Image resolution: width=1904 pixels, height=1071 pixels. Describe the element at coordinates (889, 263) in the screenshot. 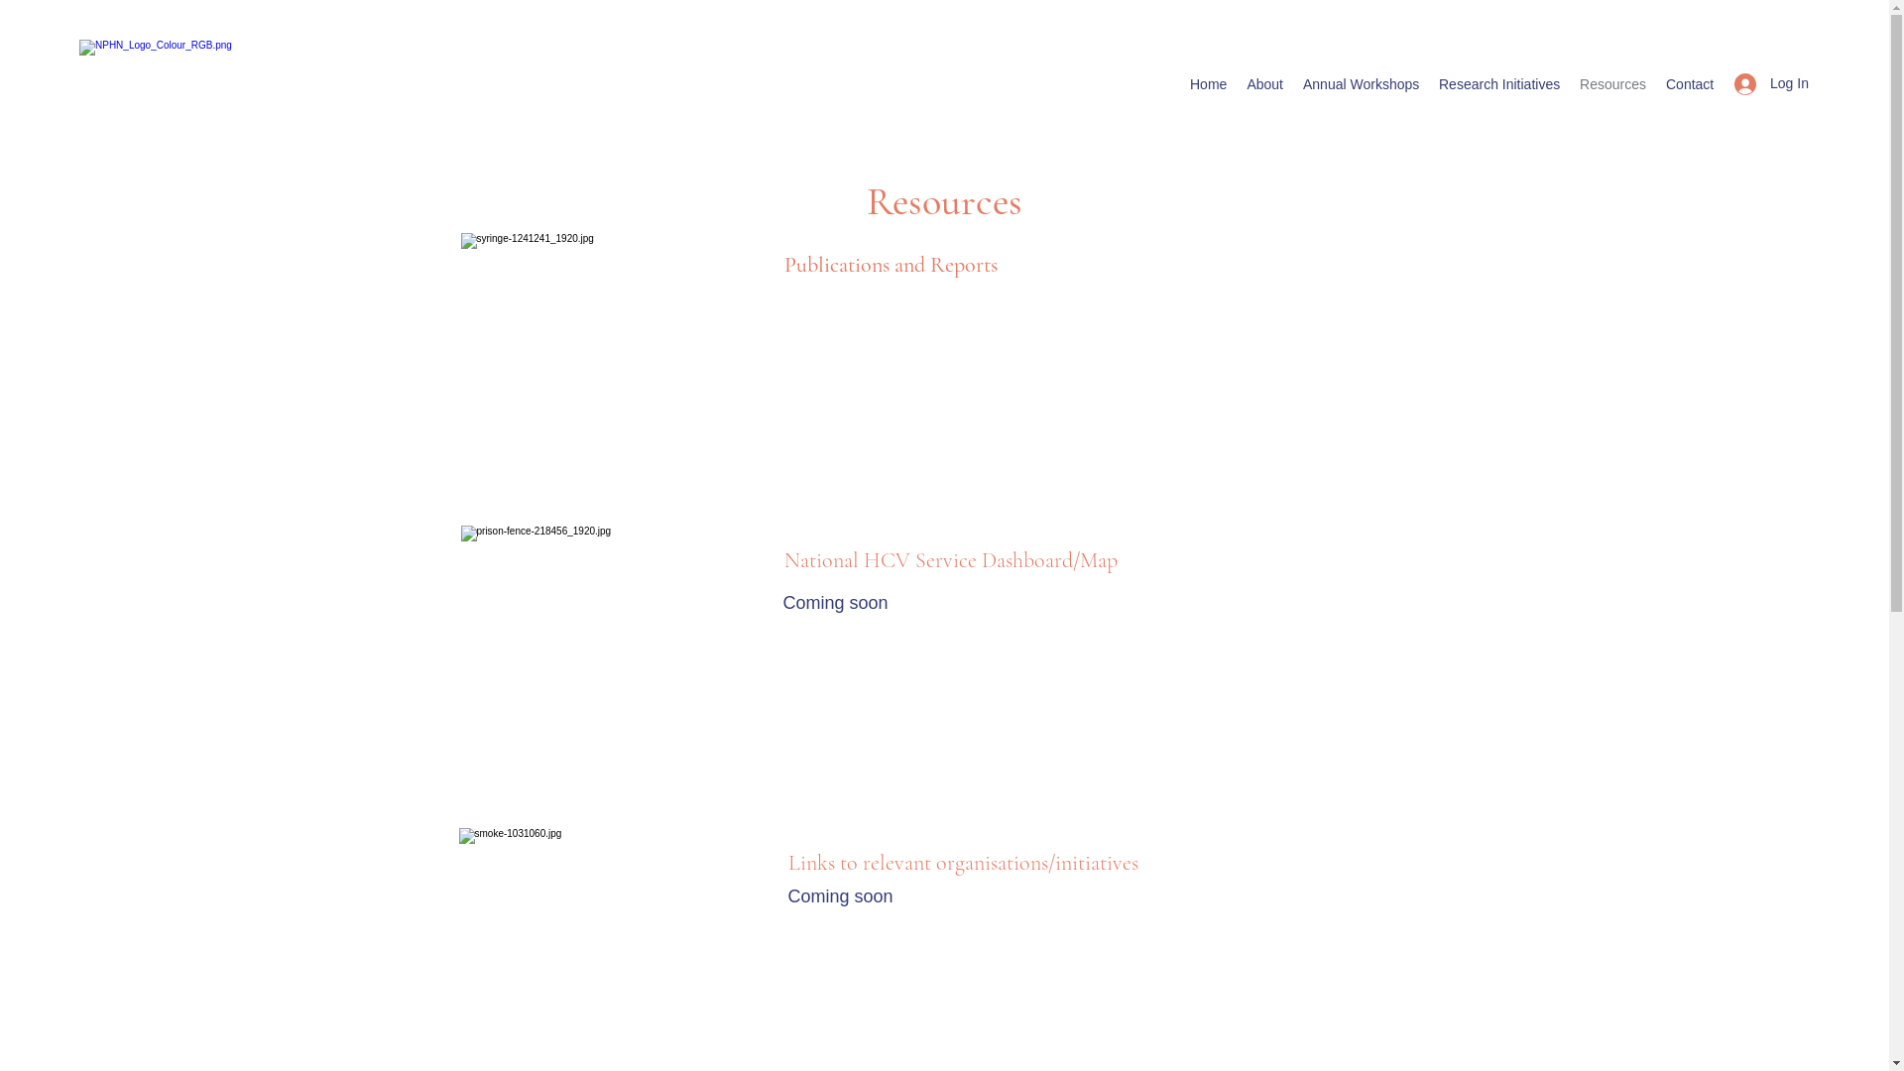

I see `'Publications and Reports'` at that location.